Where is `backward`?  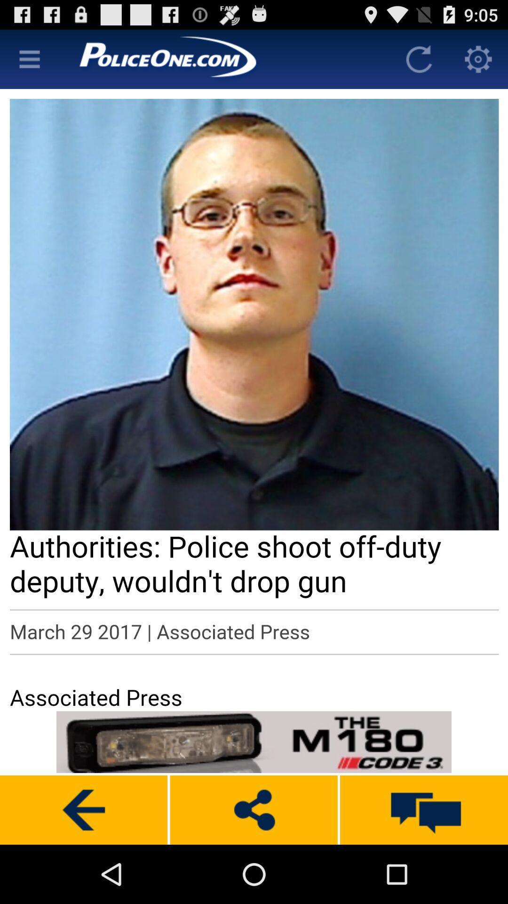
backward is located at coordinates (83, 809).